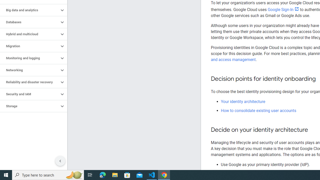 The image size is (320, 180). I want to click on 'Migration', so click(29, 46).